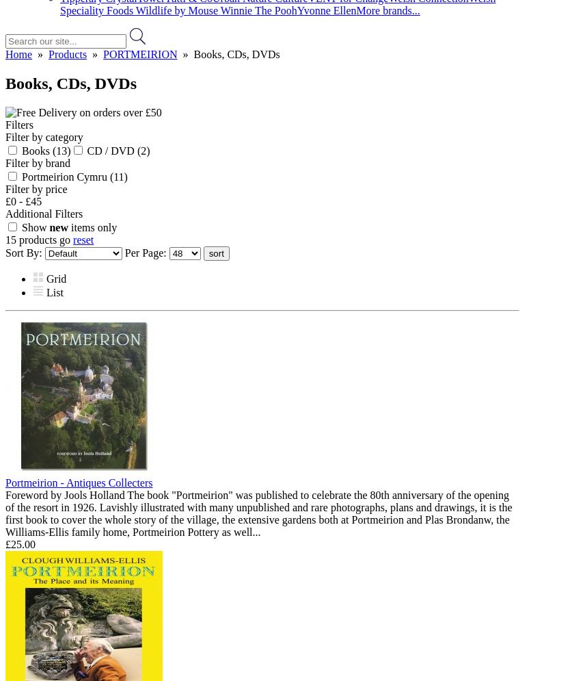  Describe the element at coordinates (5, 136) in the screenshot. I see `'Filter by category'` at that location.